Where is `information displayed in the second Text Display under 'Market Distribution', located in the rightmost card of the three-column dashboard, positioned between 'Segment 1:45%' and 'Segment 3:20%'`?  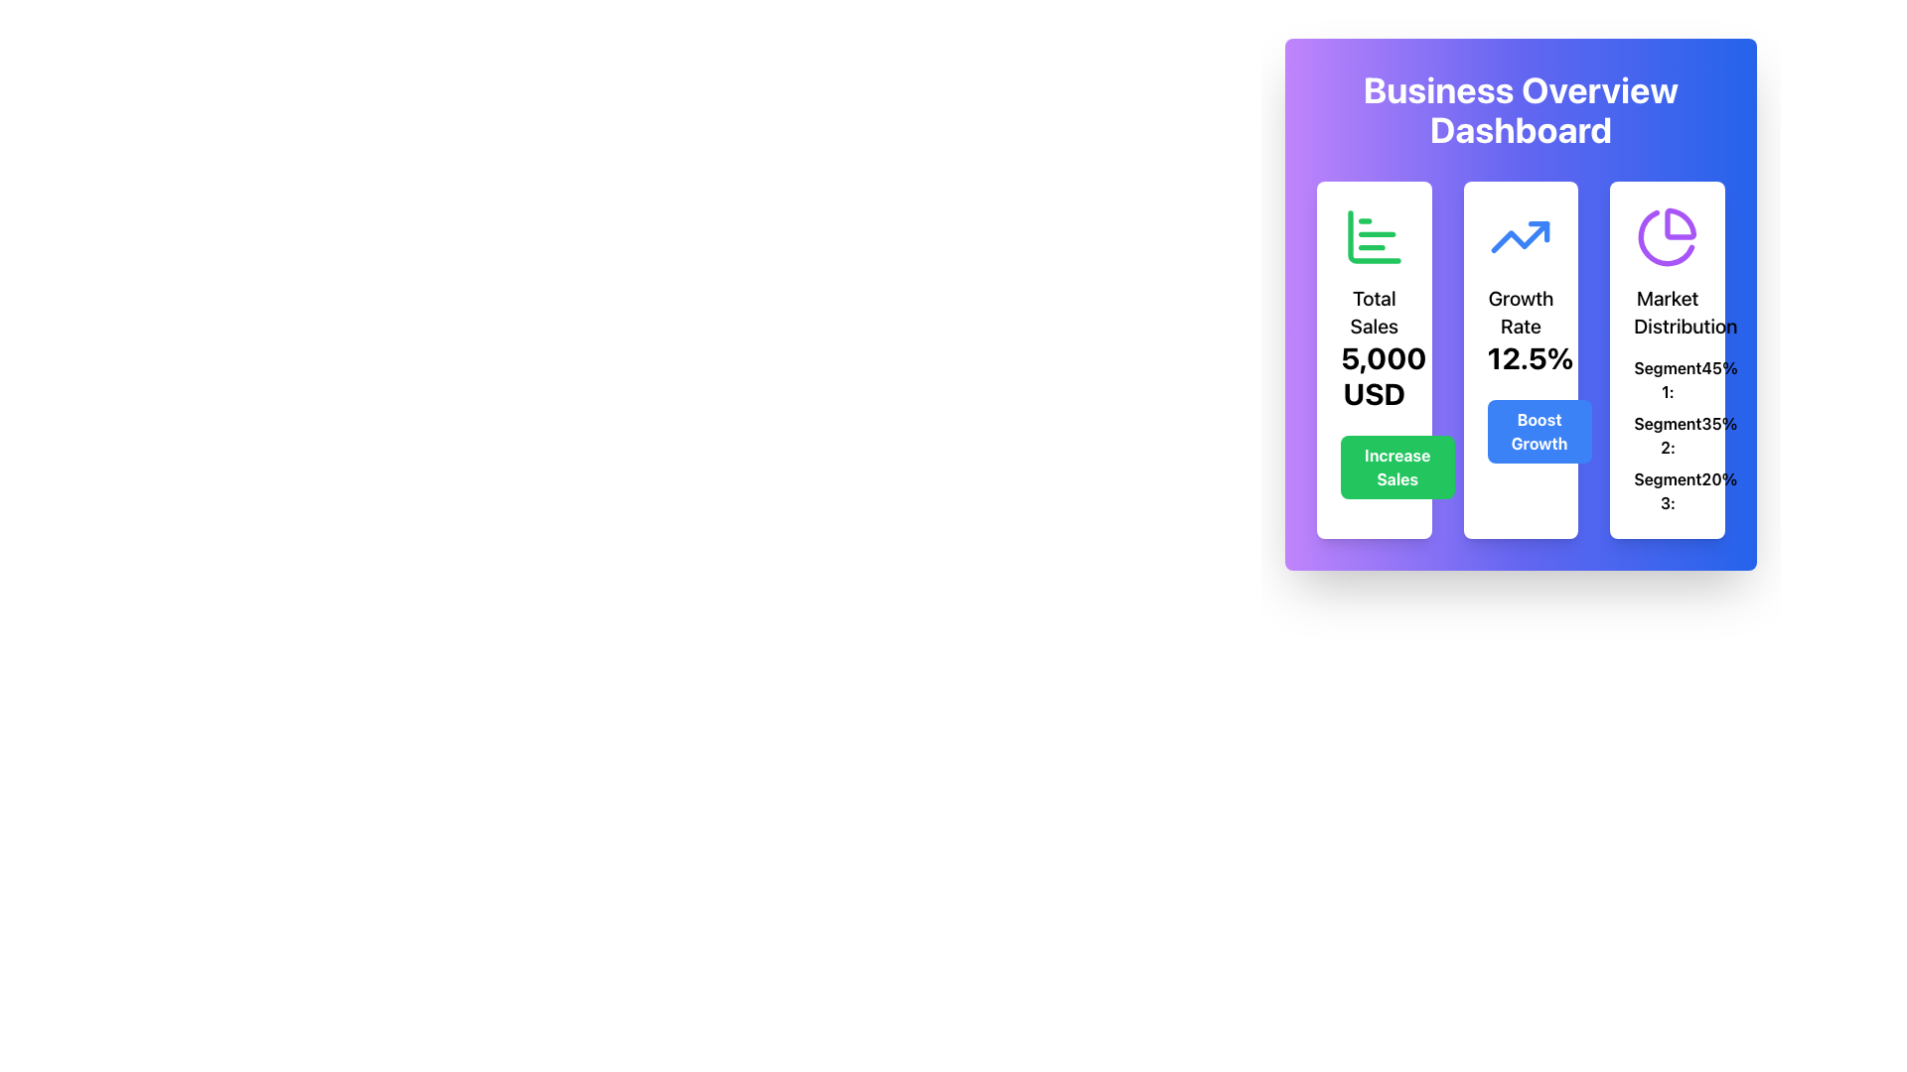 information displayed in the second Text Display under 'Market Distribution', located in the rightmost card of the three-column dashboard, positioned between 'Segment 1:45%' and 'Segment 3:20%' is located at coordinates (1668, 435).